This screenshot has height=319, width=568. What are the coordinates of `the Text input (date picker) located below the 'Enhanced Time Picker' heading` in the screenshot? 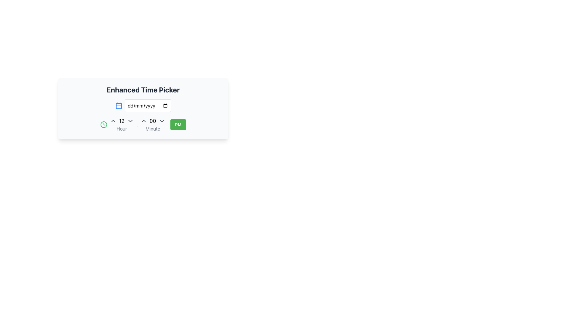 It's located at (143, 105).